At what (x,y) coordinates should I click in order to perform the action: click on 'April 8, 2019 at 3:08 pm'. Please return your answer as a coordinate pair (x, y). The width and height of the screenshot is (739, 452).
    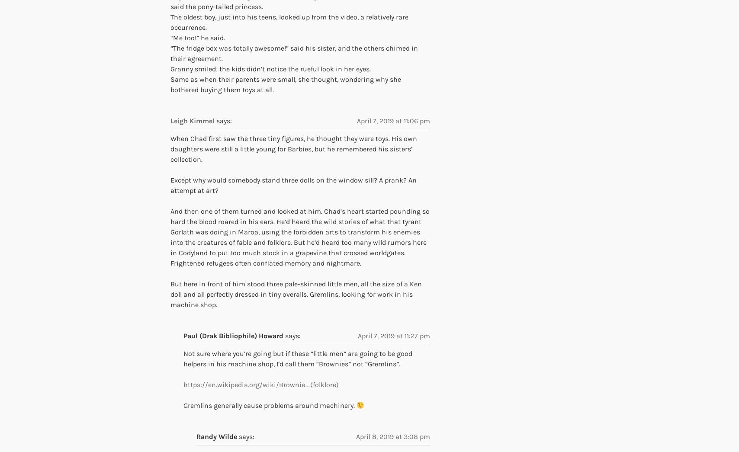
    Looking at the image, I should click on (356, 436).